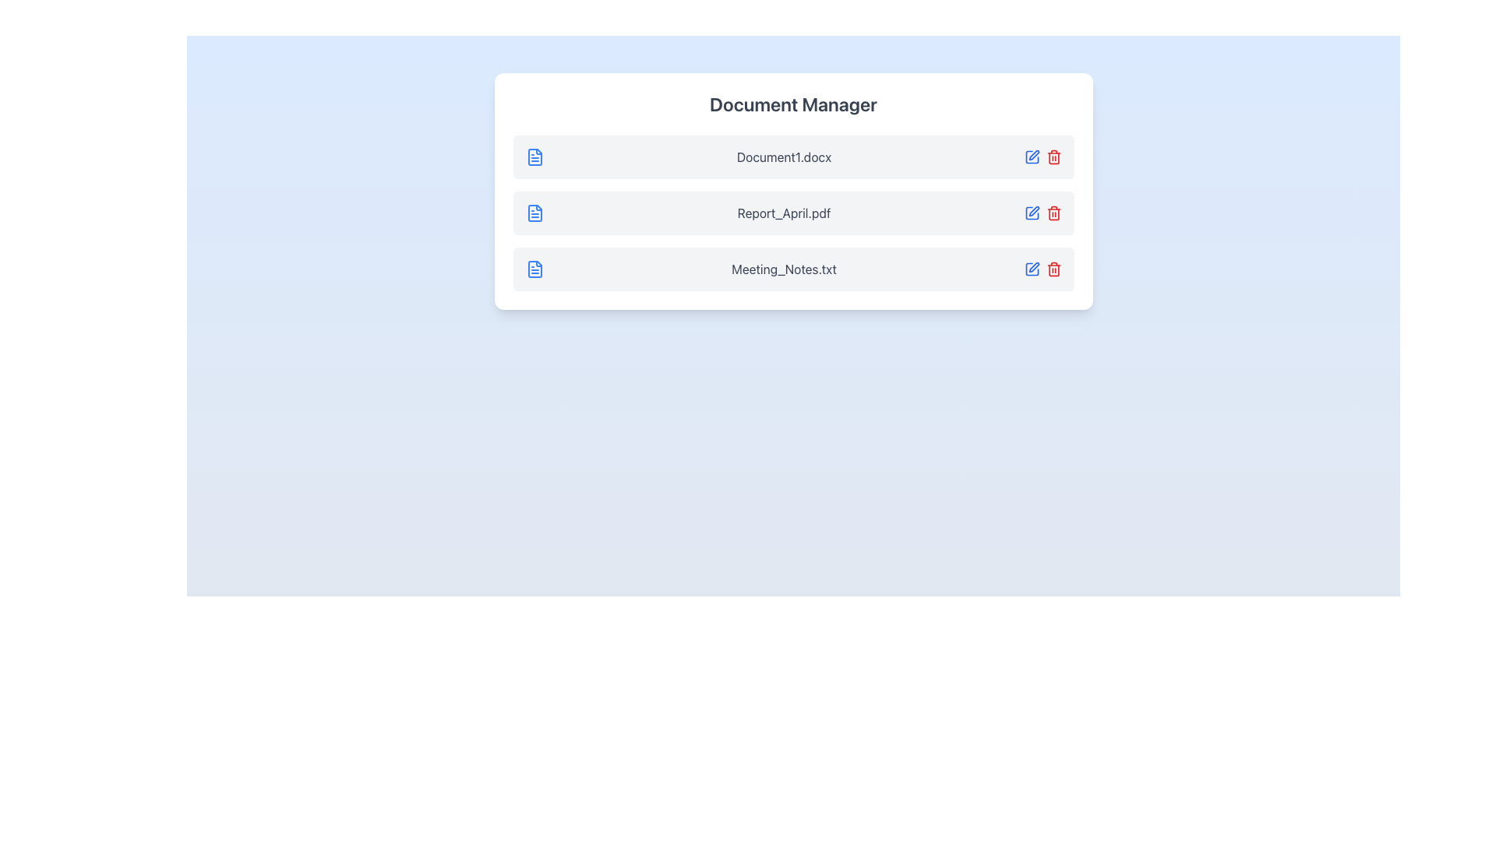 This screenshot has width=1496, height=841. Describe the element at coordinates (1033, 266) in the screenshot. I see `the vector graphic icon representing the edit action button located on the right side of 'Meeting_Notes.txt' to initiate editing functionalities` at that location.